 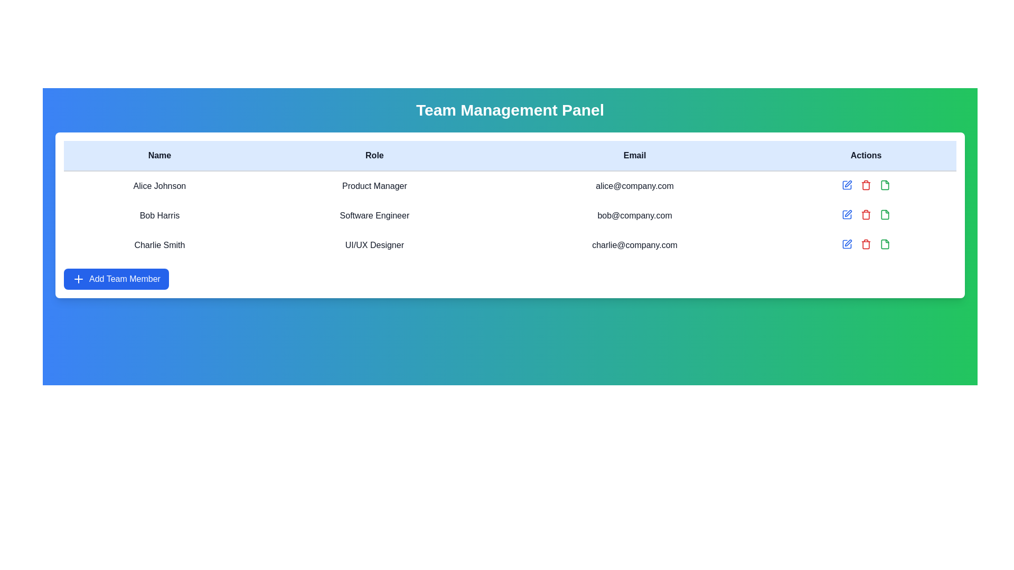 I want to click on the edit icon in the actions column for the row corresponding to 'Alice Johnson', so click(x=847, y=185).